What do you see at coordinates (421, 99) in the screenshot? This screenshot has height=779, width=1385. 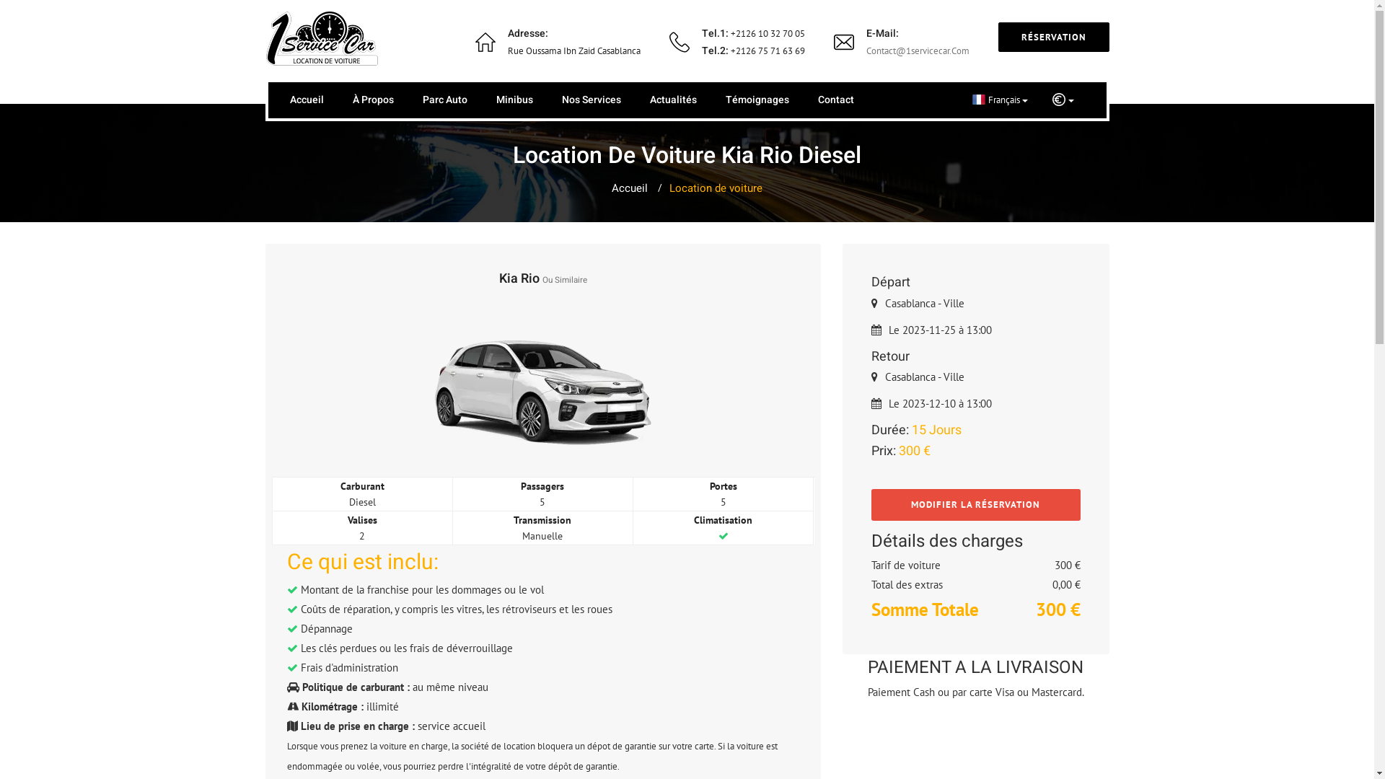 I see `'Parc Auto'` at bounding box center [421, 99].